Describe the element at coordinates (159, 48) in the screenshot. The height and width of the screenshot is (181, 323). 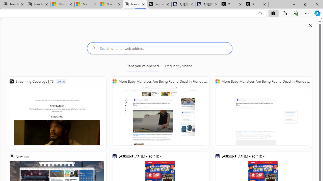
I see `'Search or enter web address'` at that location.